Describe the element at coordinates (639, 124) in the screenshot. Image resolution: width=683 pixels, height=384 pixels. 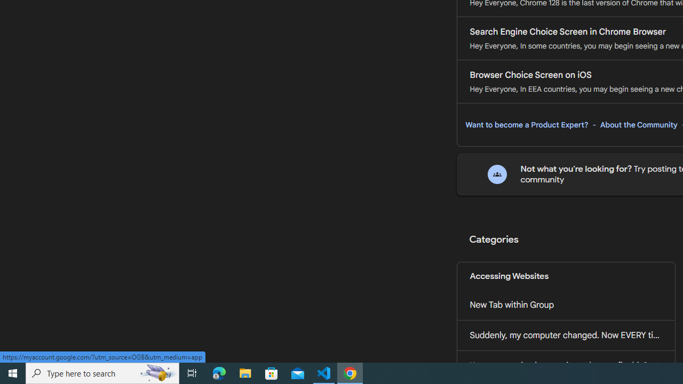
I see `'About the Community'` at that location.